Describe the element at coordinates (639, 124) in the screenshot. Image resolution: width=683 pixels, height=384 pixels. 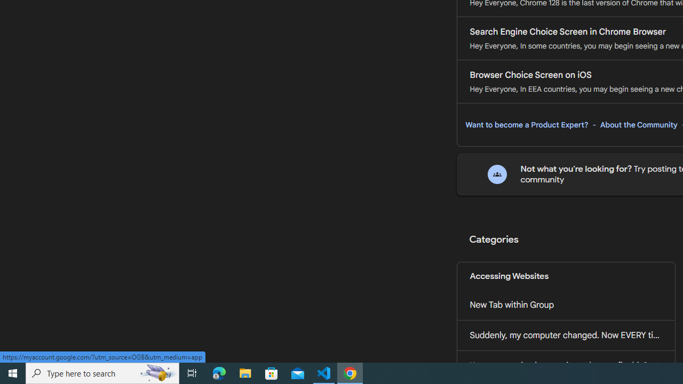
I see `'About the Community'` at that location.